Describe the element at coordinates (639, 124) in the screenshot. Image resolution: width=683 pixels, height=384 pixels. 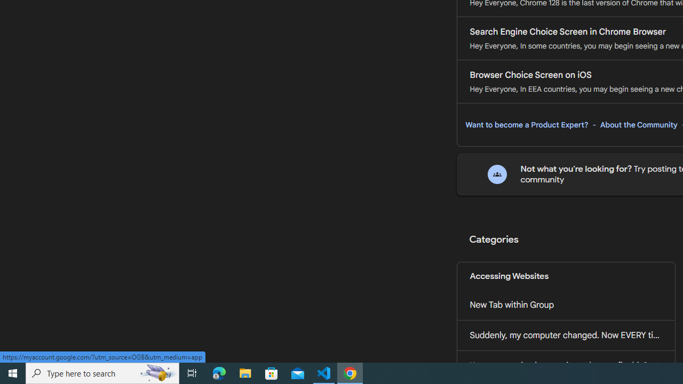
I see `'About the Community'` at that location.